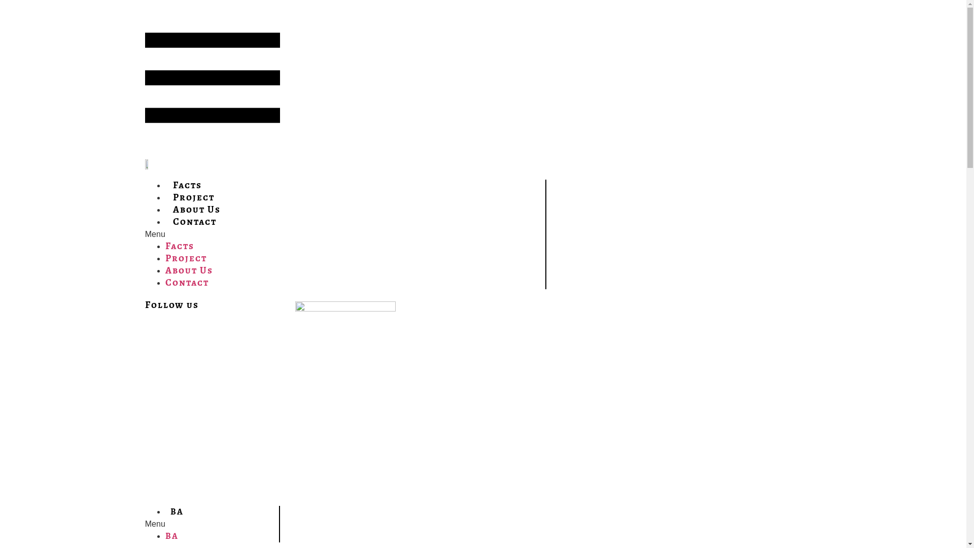 The height and width of the screenshot is (548, 974). I want to click on 'Follow us', so click(145, 304).